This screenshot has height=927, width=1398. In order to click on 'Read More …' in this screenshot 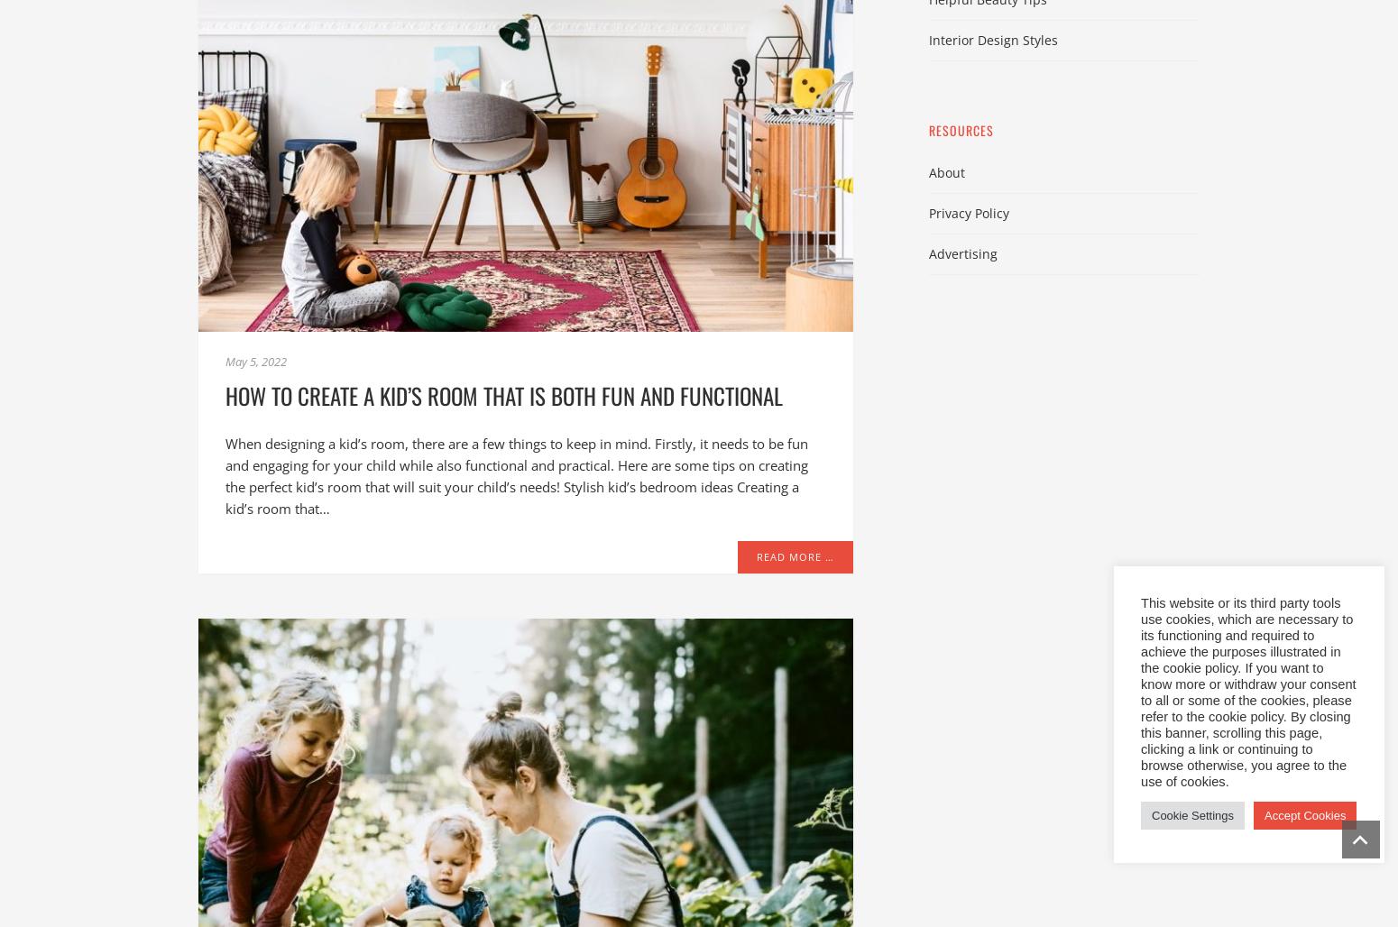, I will do `click(795, 555)`.